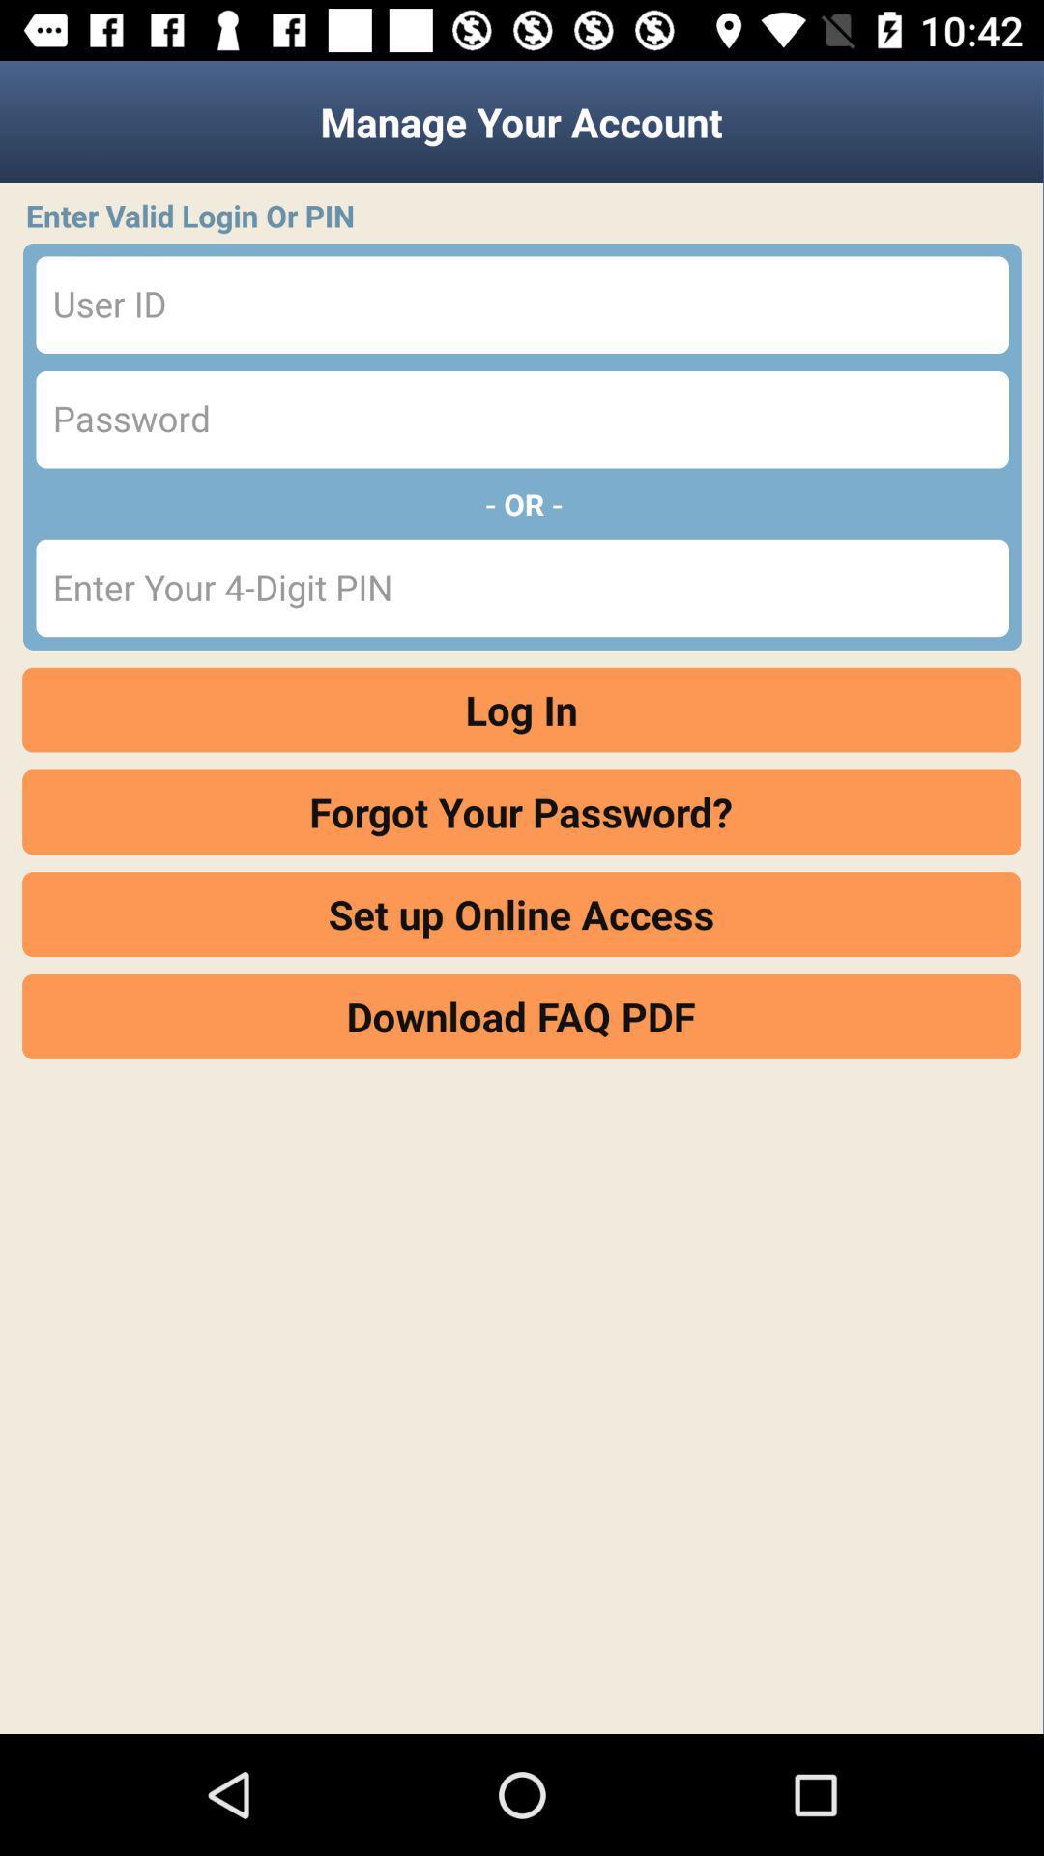  What do you see at coordinates (520, 812) in the screenshot?
I see `item below log in` at bounding box center [520, 812].